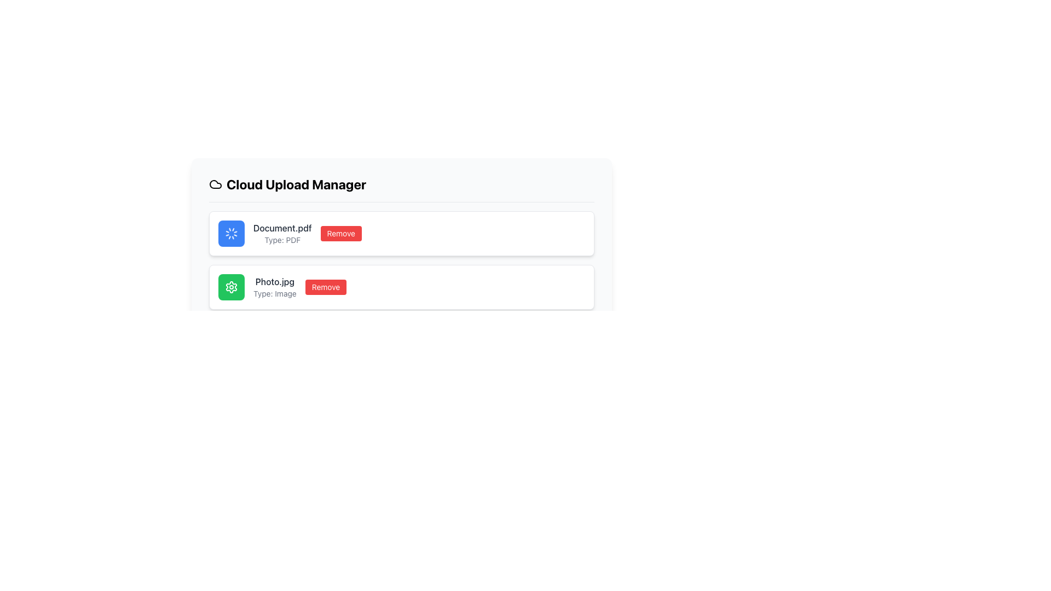 The width and height of the screenshot is (1051, 591). Describe the element at coordinates (282, 240) in the screenshot. I see `the Text Label that displays 'PDF' information, located below the 'Document.pdf' text element` at that location.